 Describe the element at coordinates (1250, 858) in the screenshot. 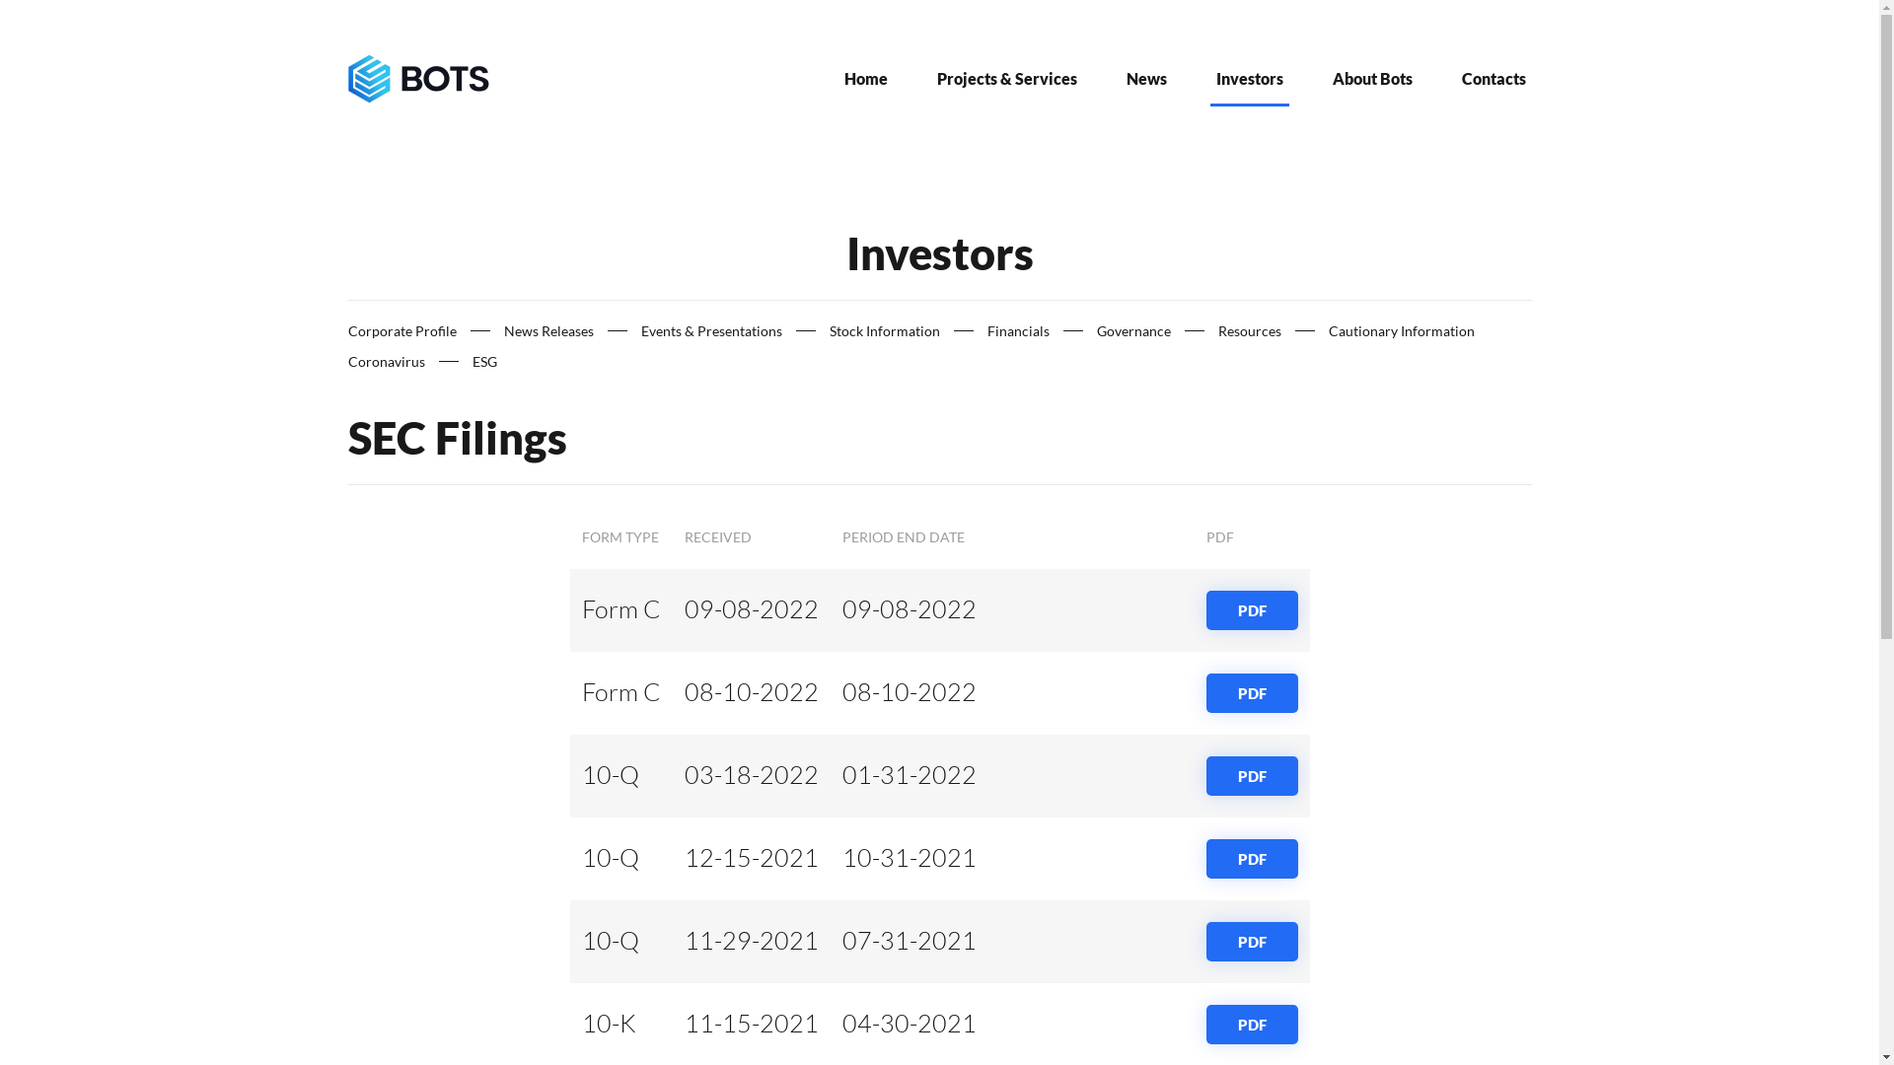

I see `'PDF'` at that location.